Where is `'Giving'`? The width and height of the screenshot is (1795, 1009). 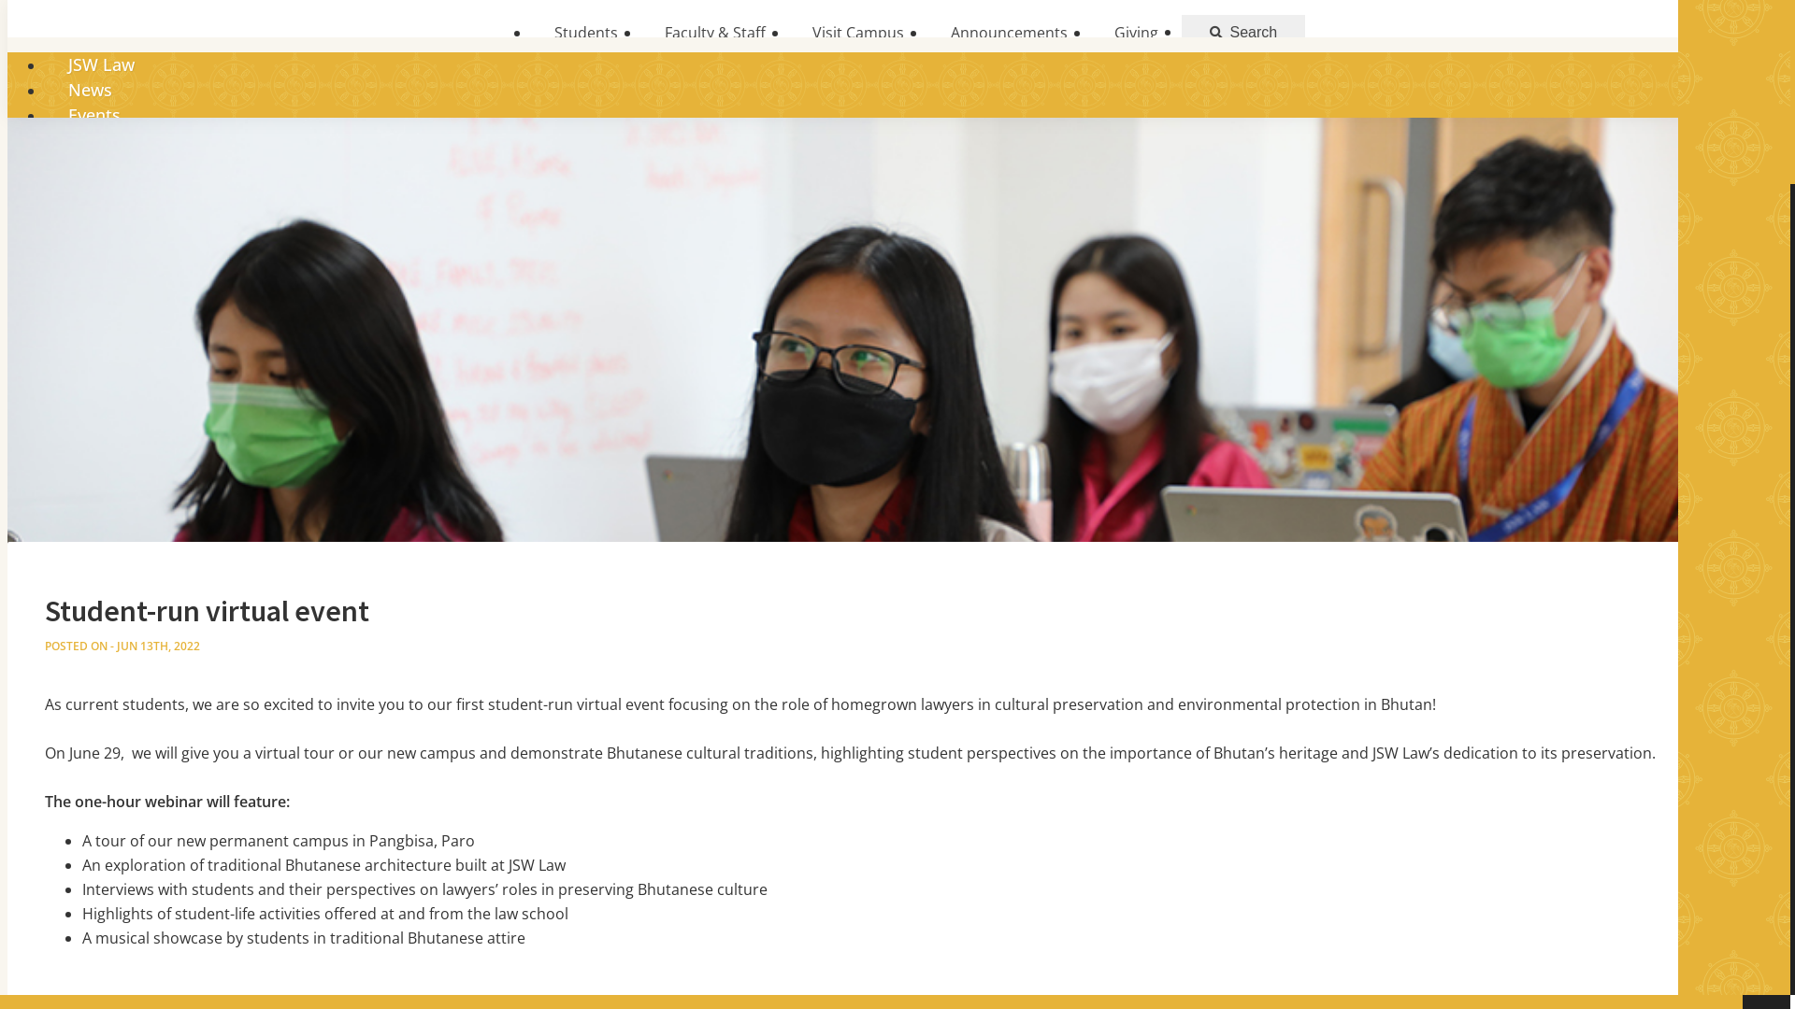 'Giving' is located at coordinates (1090, 32).